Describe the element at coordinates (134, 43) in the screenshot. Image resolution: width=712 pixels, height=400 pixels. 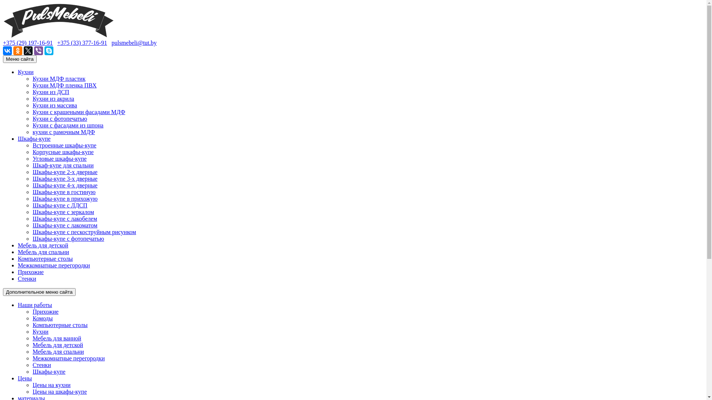
I see `'pulsmebeli@tut.by'` at that location.